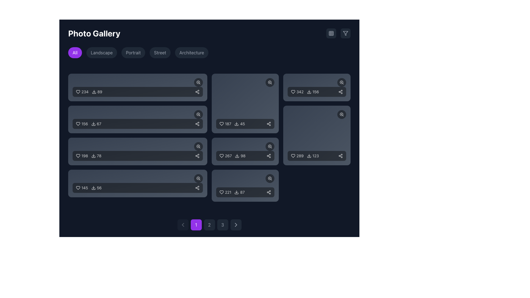  What do you see at coordinates (240, 156) in the screenshot?
I see `the download icon-text pair displaying '98' to initiate a download action` at bounding box center [240, 156].